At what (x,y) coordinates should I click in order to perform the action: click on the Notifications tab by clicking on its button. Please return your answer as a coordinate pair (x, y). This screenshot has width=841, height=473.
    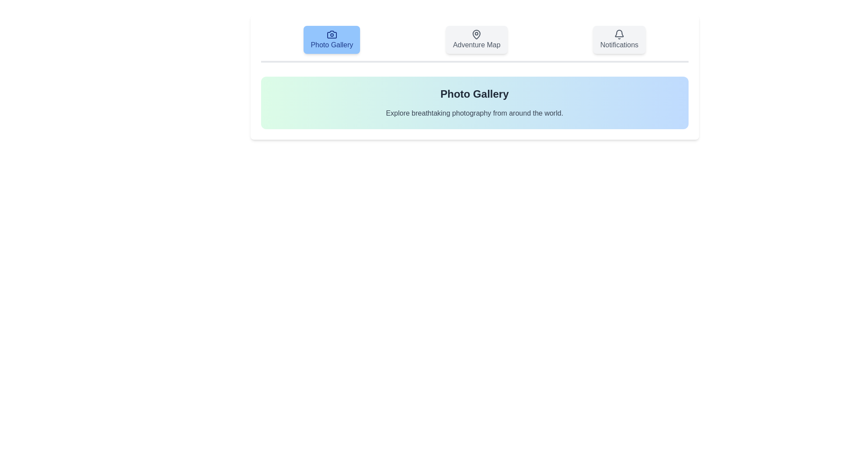
    Looking at the image, I should click on (619, 40).